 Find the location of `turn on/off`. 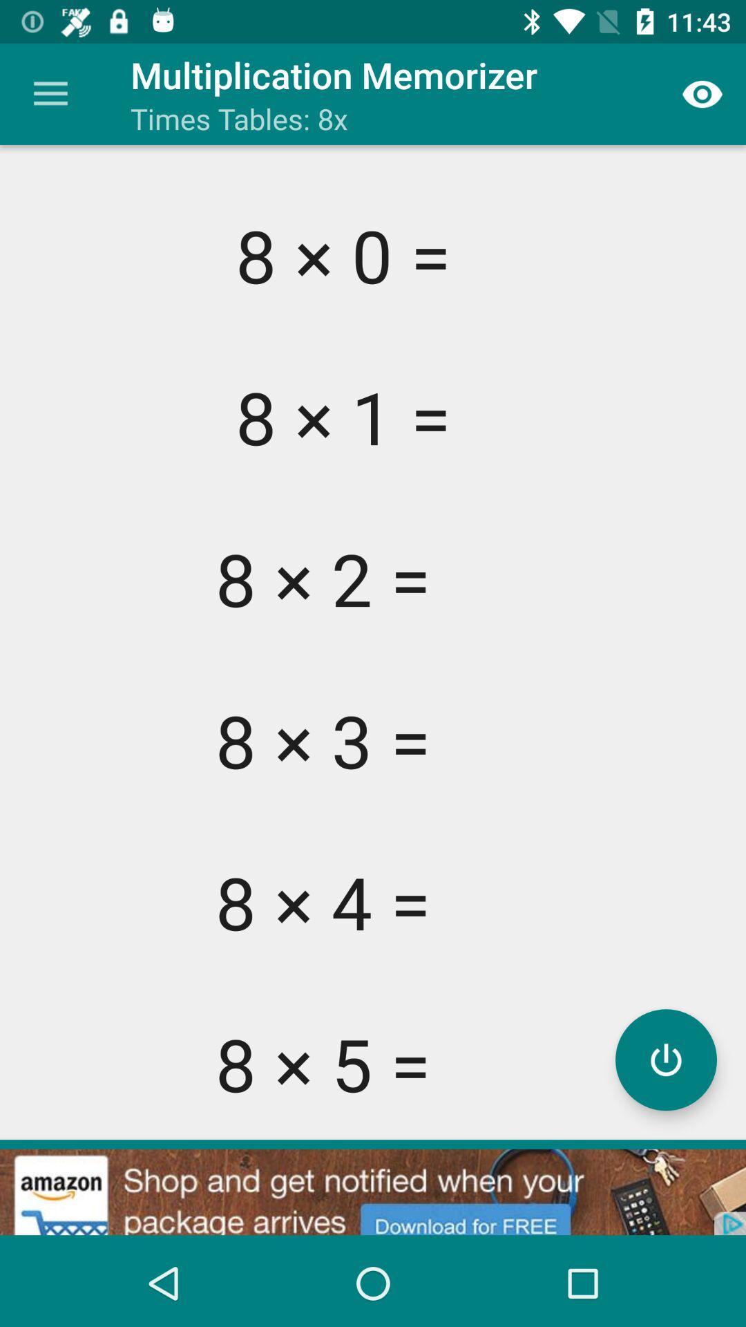

turn on/off is located at coordinates (665, 1059).